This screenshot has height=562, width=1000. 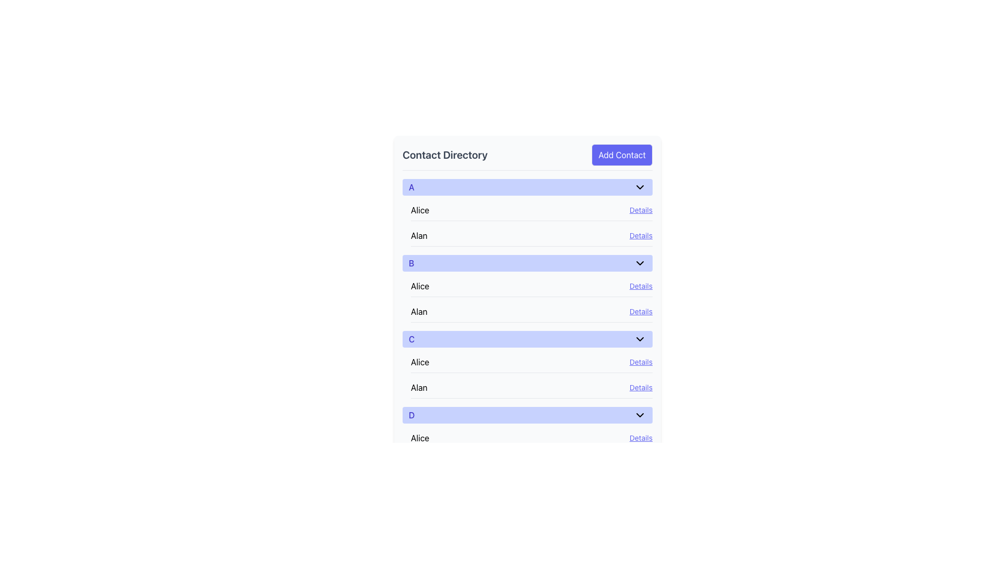 What do you see at coordinates (419, 311) in the screenshot?
I see `the contact's name label 'Alan' in the second row of the contact directory under section 'B', which is positioned to the left of the 'Details' link` at bounding box center [419, 311].